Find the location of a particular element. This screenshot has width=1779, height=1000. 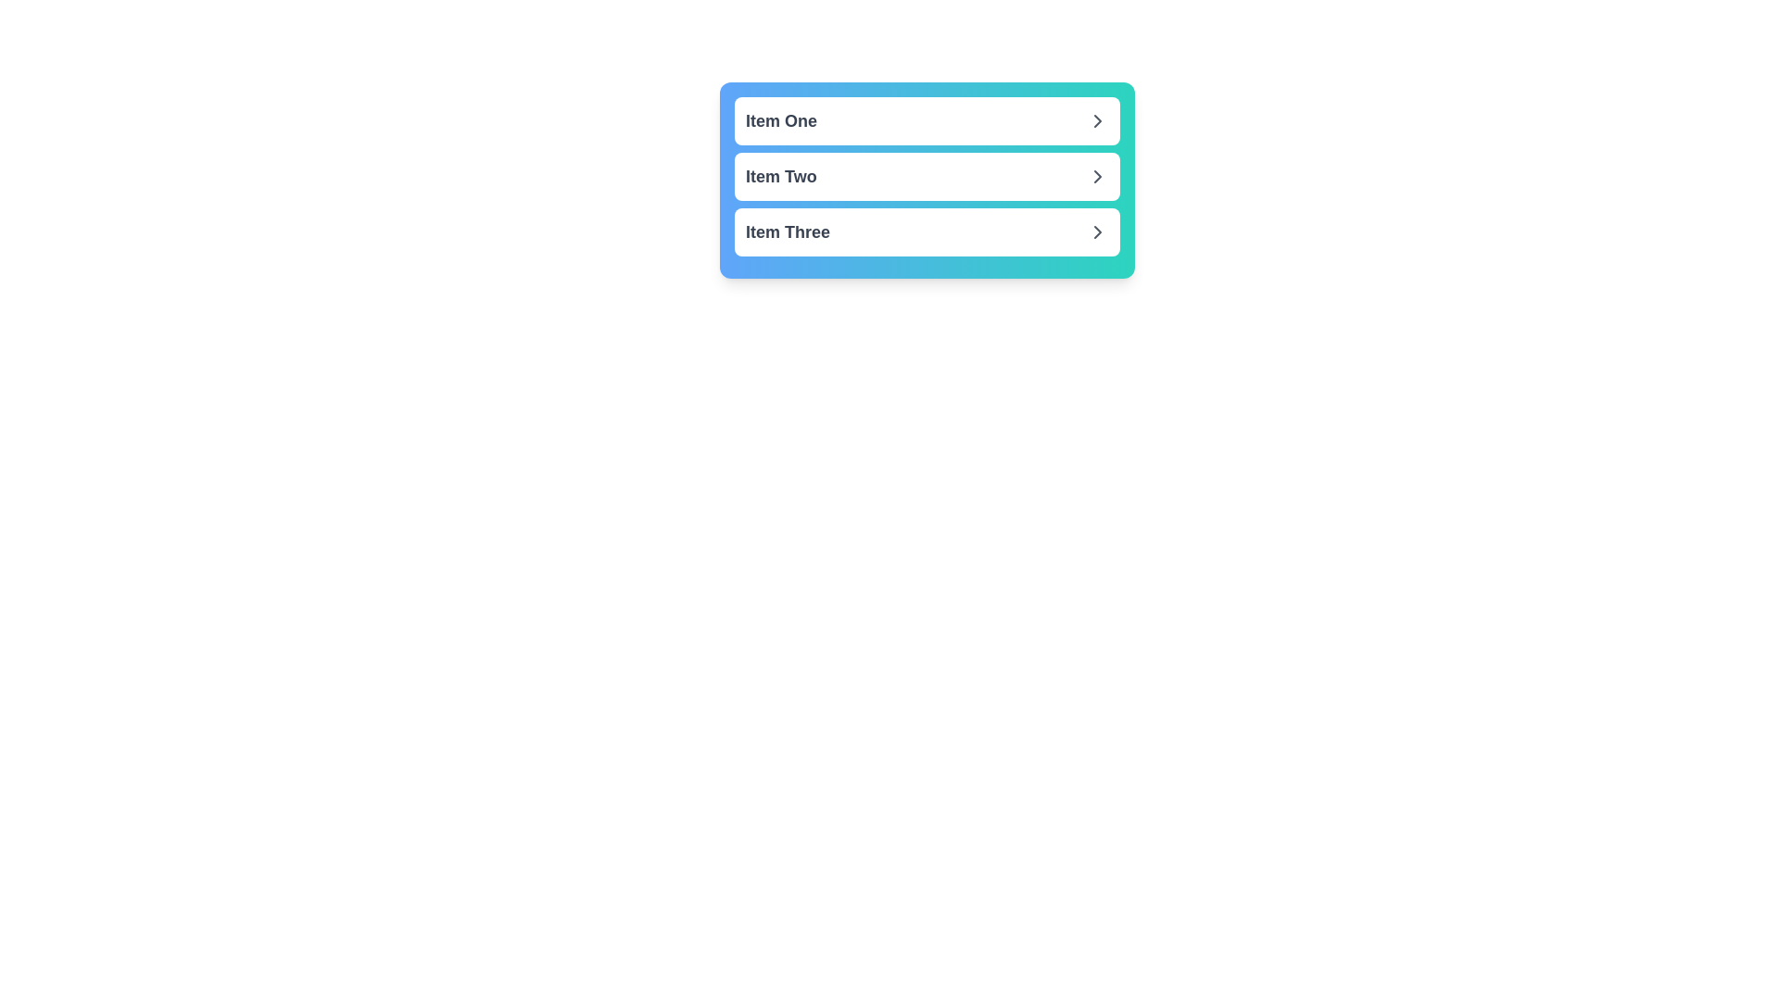

the first selectable item in the list for navigation via keyboard is located at coordinates (927, 121).